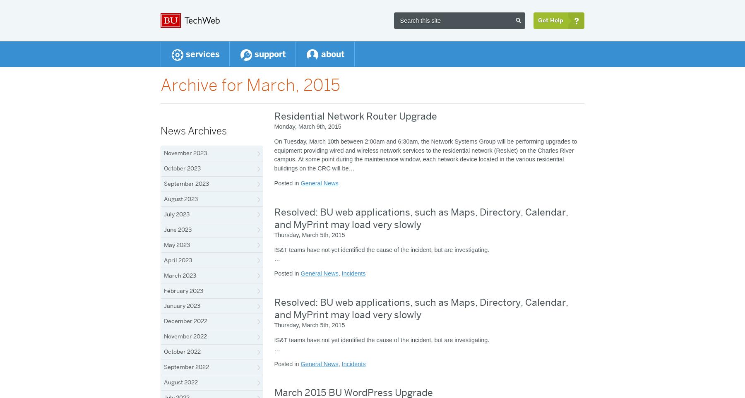 The width and height of the screenshot is (745, 398). What do you see at coordinates (186, 366) in the screenshot?
I see `'September 2022'` at bounding box center [186, 366].